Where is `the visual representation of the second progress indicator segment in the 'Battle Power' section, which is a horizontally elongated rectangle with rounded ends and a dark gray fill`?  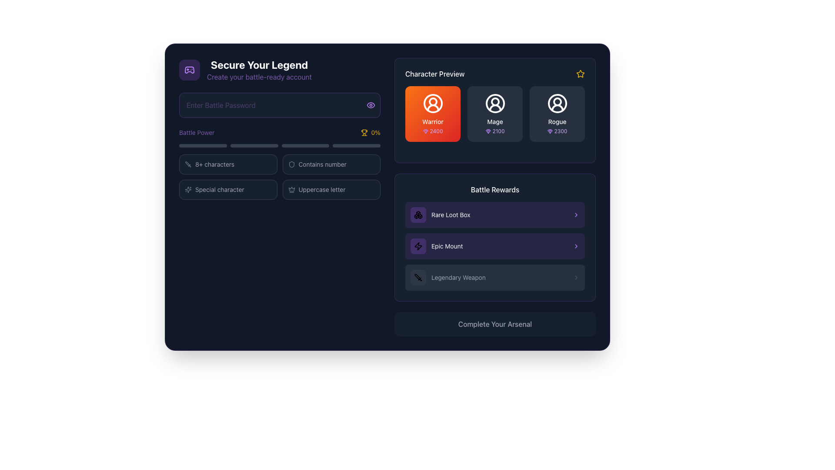 the visual representation of the second progress indicator segment in the 'Battle Power' section, which is a horizontally elongated rectangle with rounded ends and a dark gray fill is located at coordinates (254, 145).